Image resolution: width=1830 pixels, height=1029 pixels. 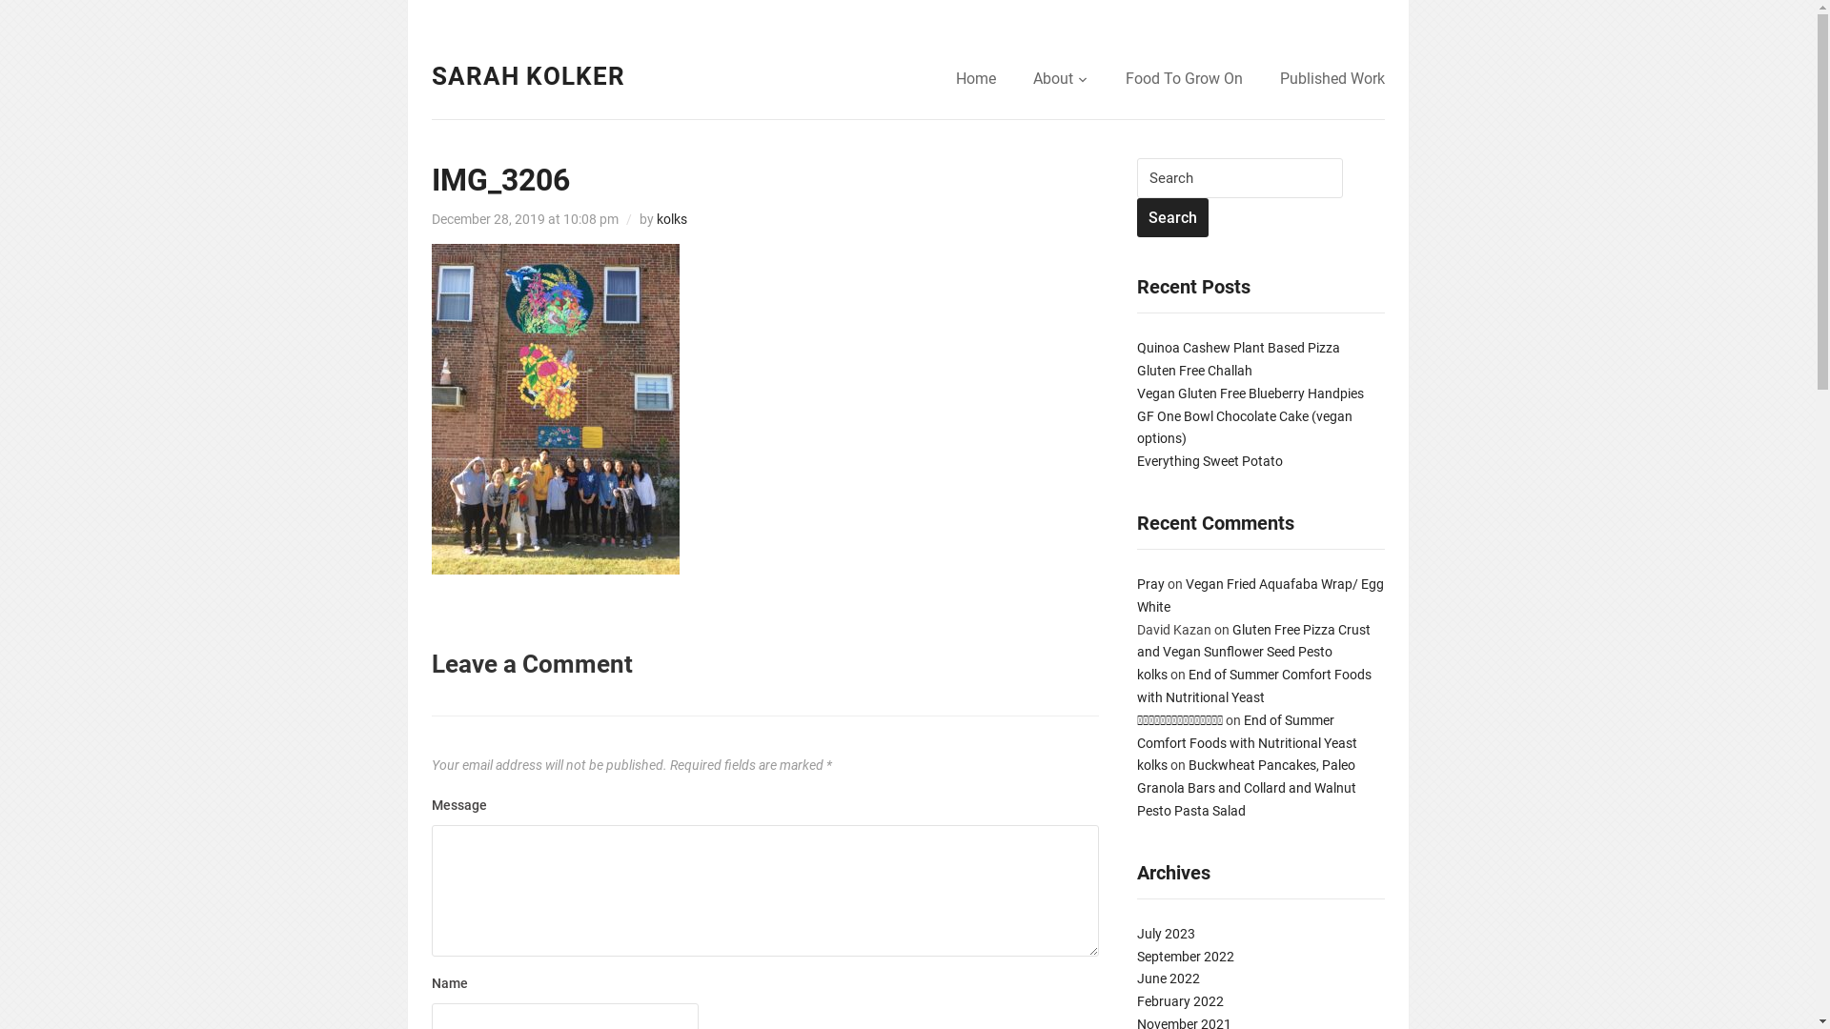 What do you see at coordinates (974, 79) in the screenshot?
I see `'Home'` at bounding box center [974, 79].